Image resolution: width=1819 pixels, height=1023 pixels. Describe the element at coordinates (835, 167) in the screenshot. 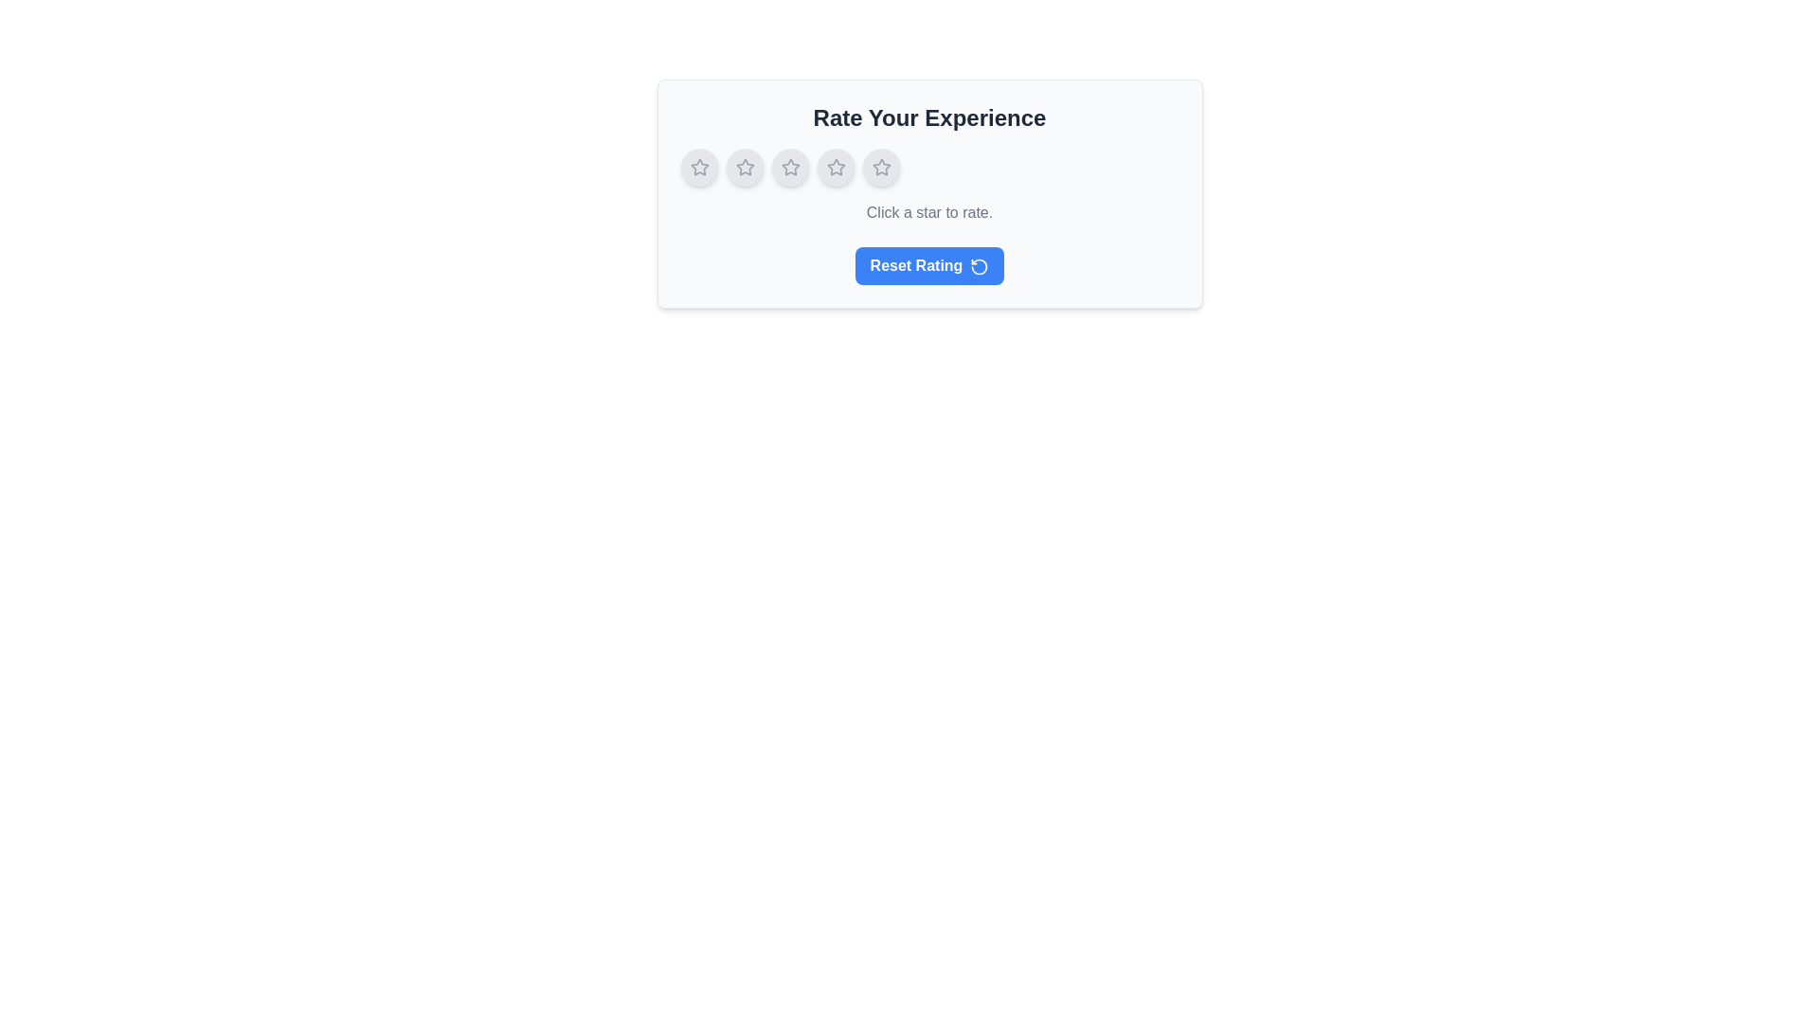

I see `the third star in the rating system located underneath the text 'Rate Your Experience'` at that location.